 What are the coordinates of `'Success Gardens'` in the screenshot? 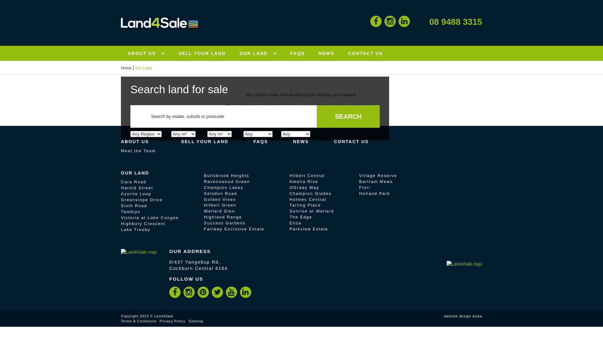 It's located at (225, 223).